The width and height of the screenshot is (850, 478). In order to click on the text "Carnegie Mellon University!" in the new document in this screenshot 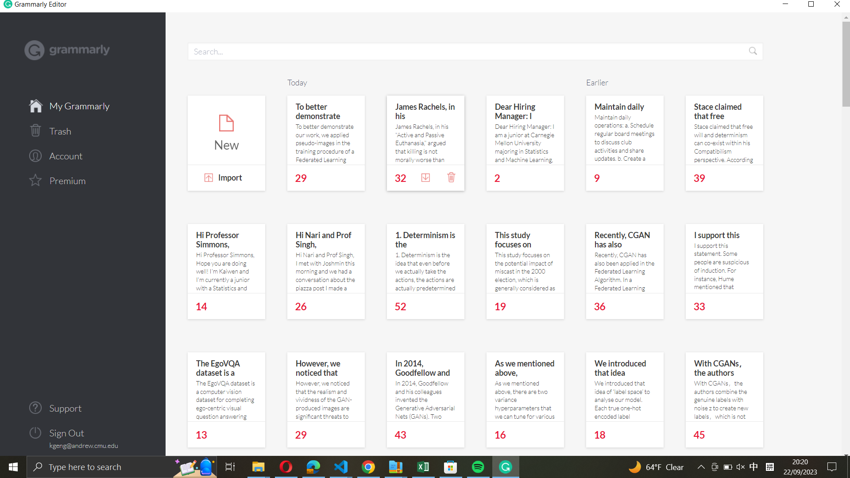, I will do `click(226, 131)`.